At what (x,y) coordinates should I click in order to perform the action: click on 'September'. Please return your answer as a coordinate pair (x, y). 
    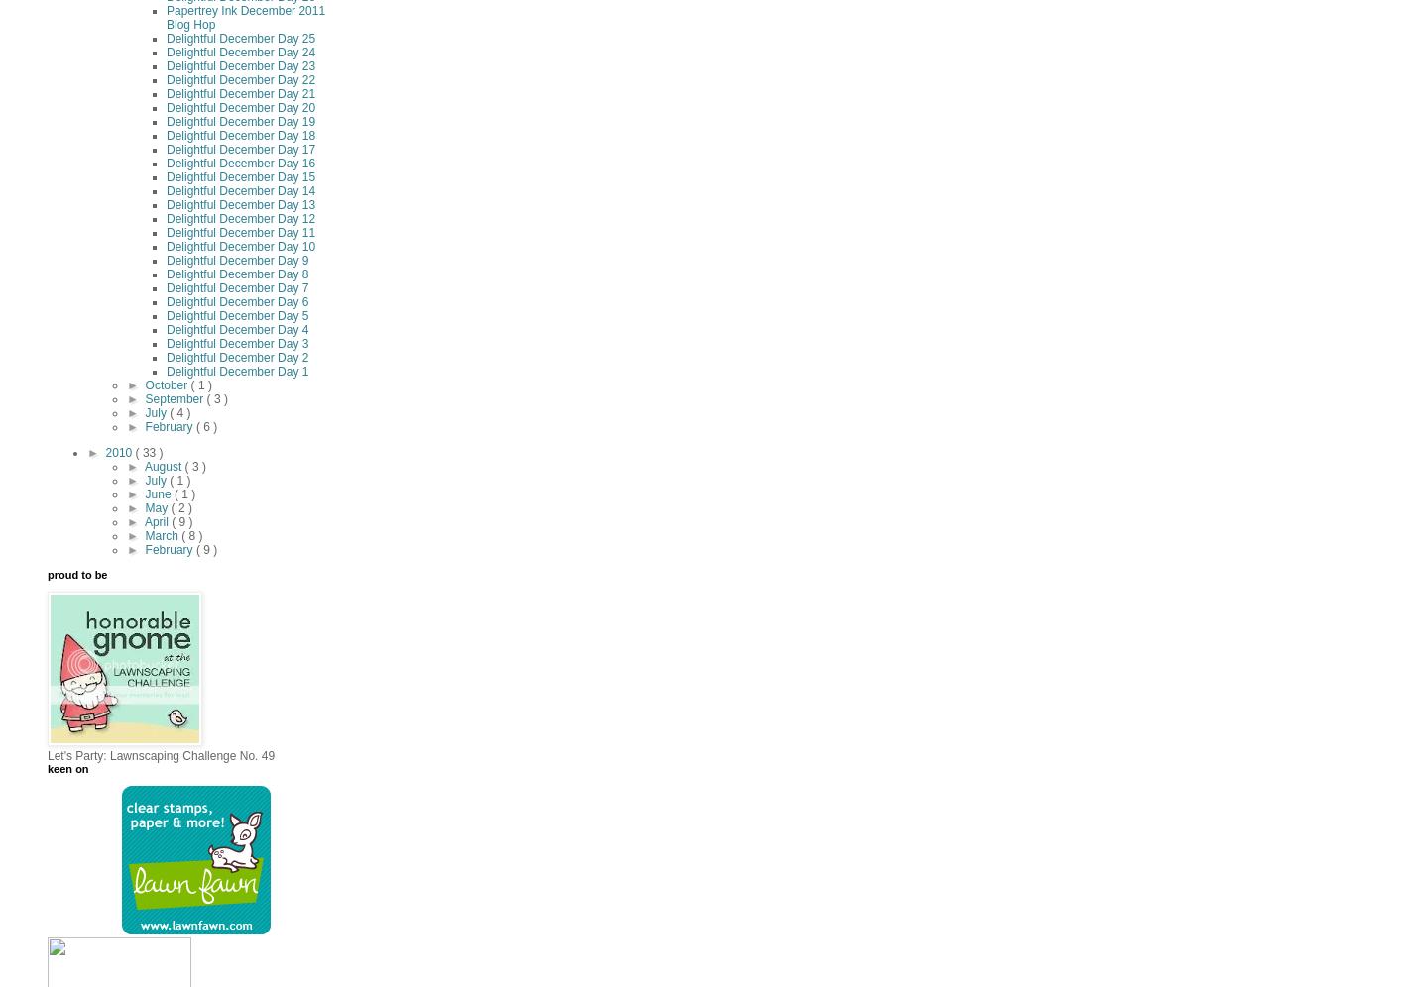
    Looking at the image, I should click on (174, 397).